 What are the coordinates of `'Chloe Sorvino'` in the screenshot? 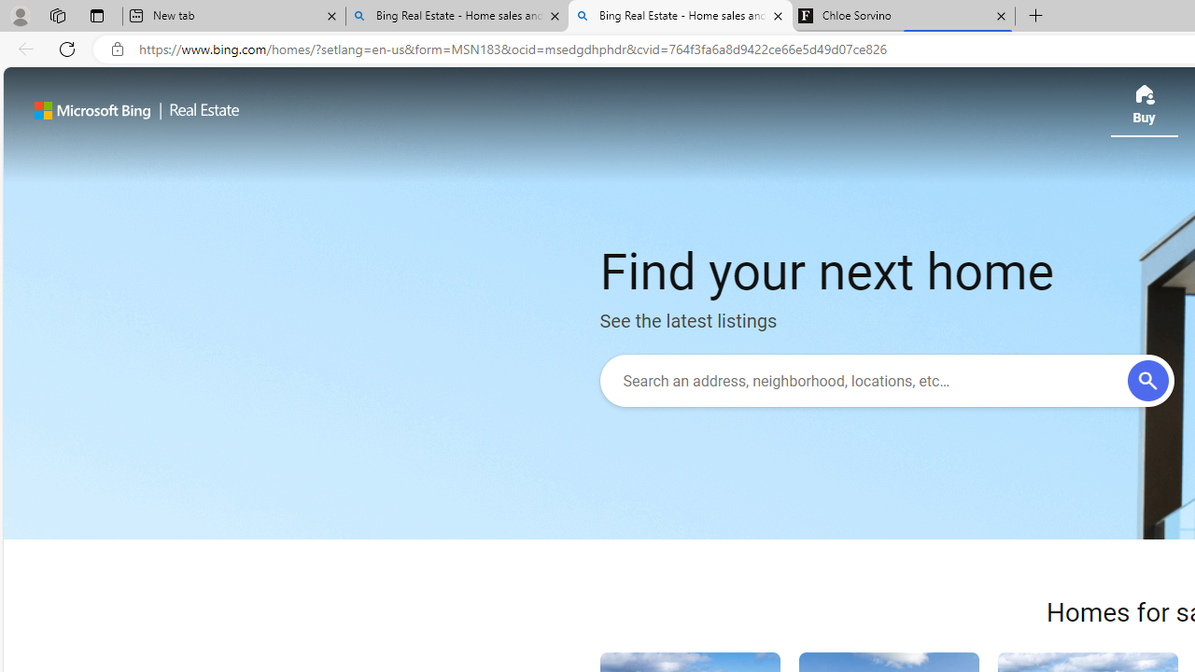 It's located at (903, 16).